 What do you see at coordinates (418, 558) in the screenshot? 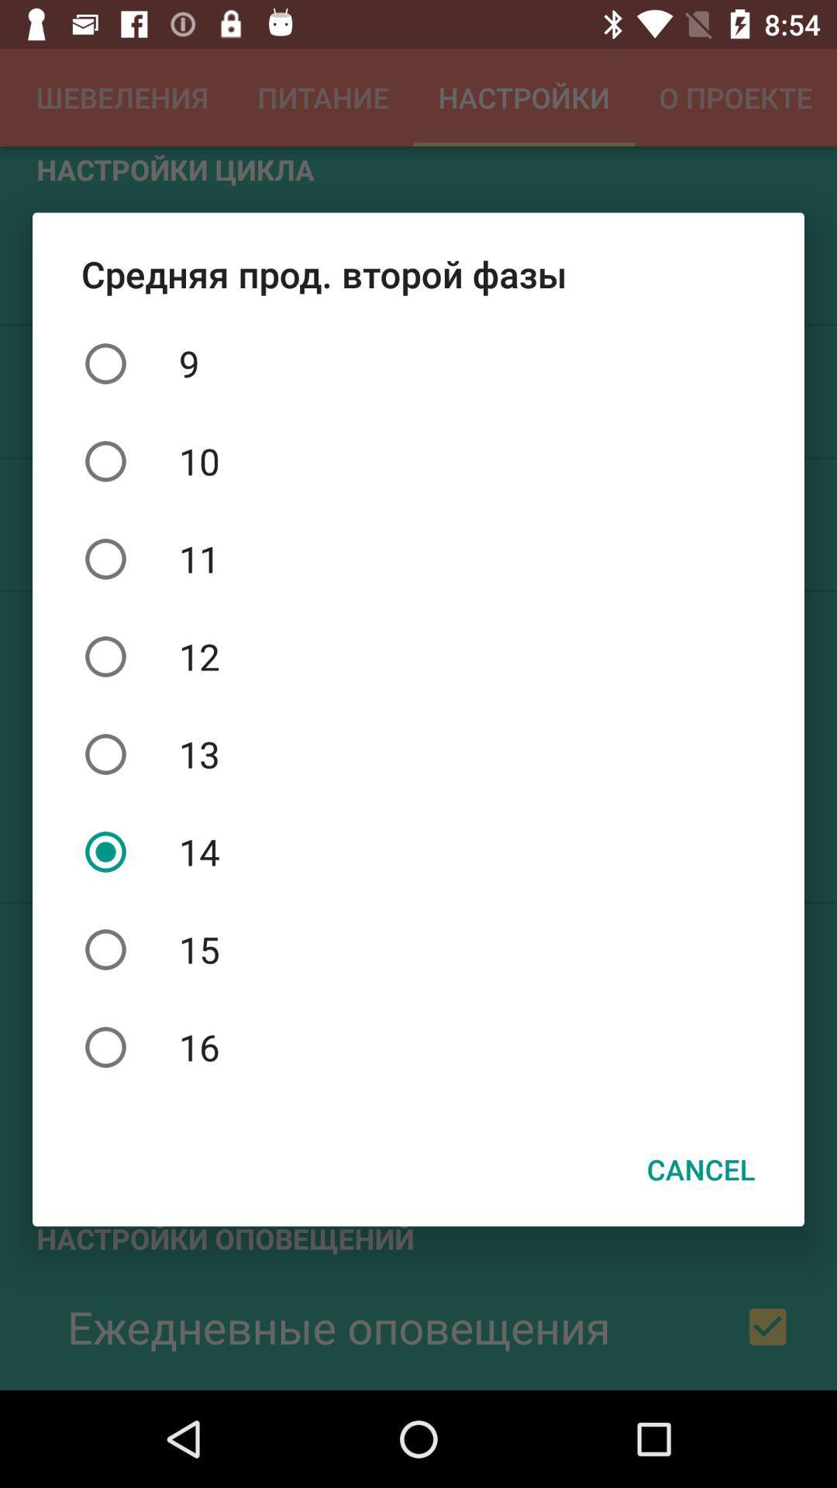
I see `the 11` at bounding box center [418, 558].